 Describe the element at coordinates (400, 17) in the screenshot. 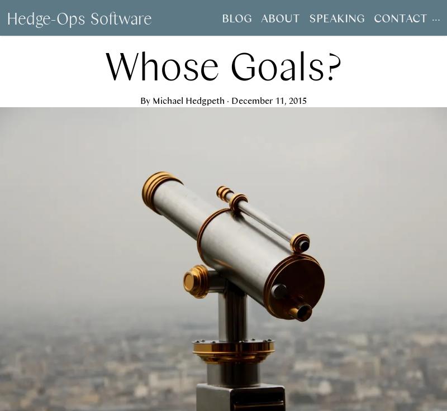

I see `'Contact'` at that location.